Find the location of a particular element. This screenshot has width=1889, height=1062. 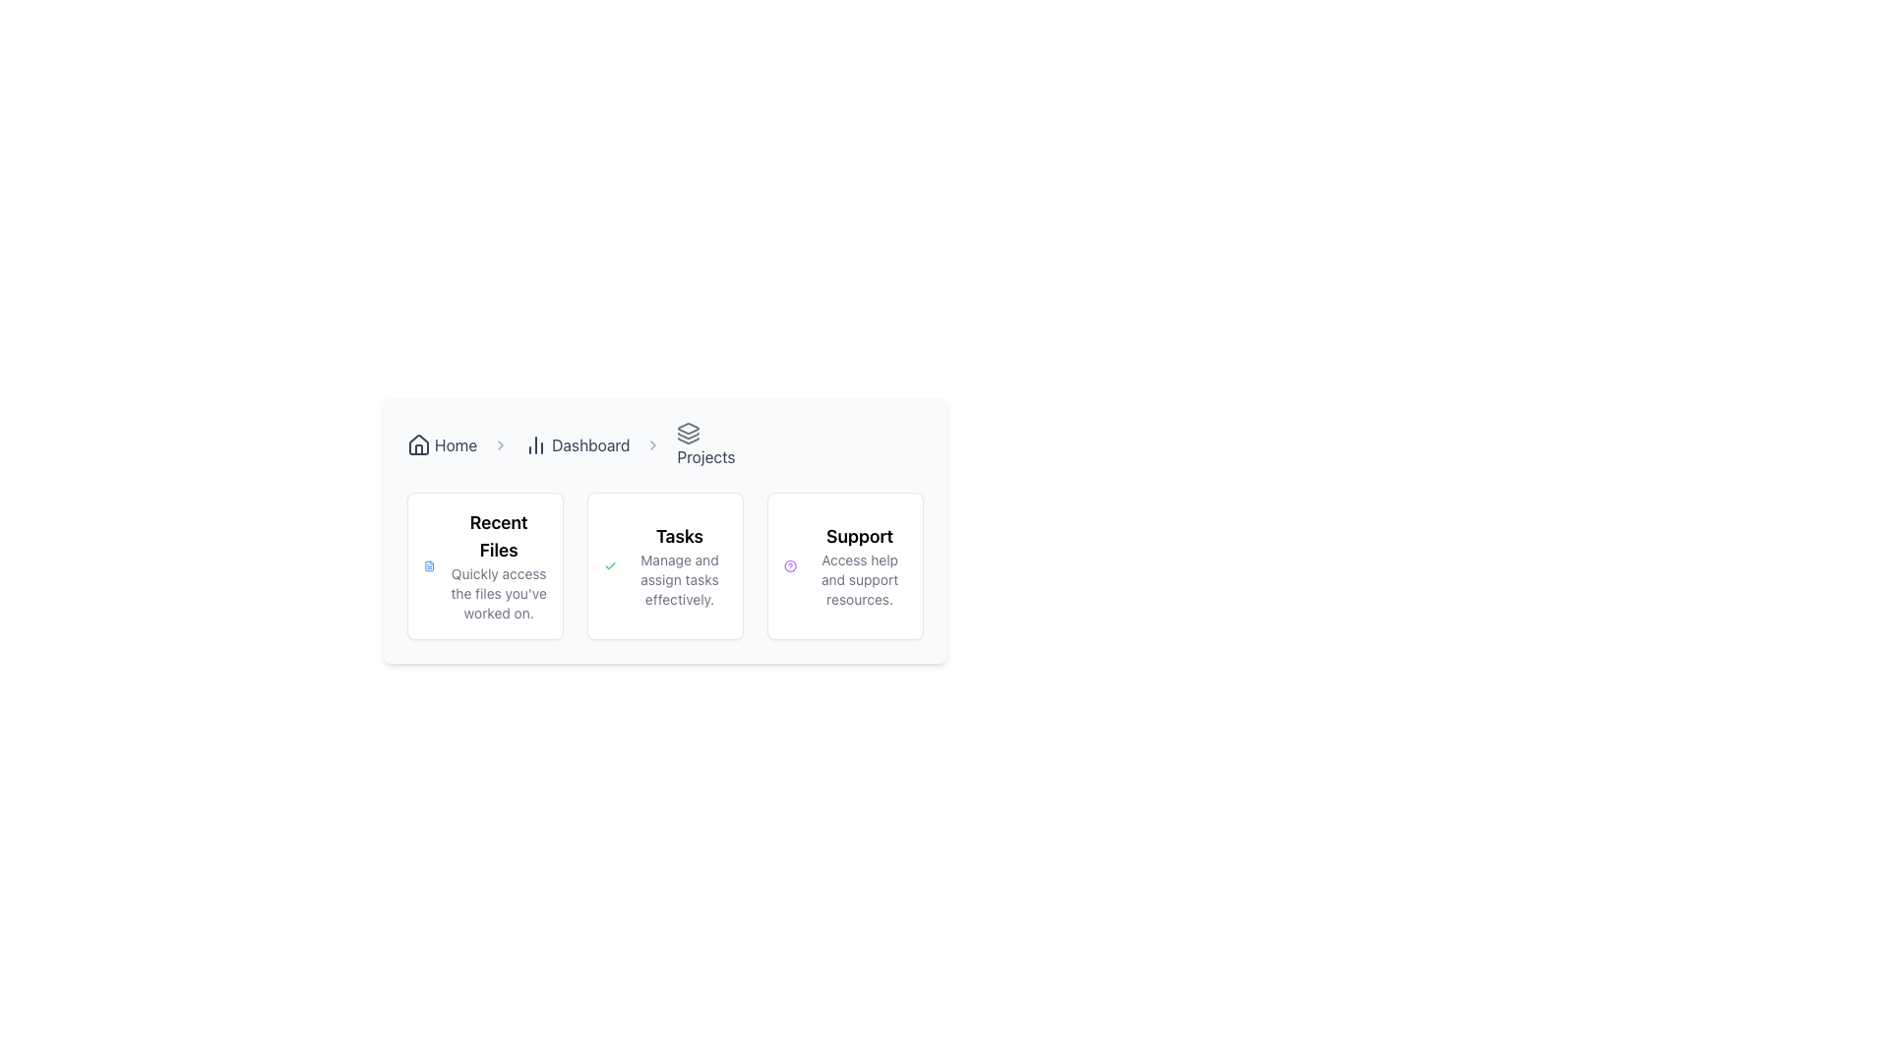

the central section of the Grid Layout is located at coordinates (665, 565).